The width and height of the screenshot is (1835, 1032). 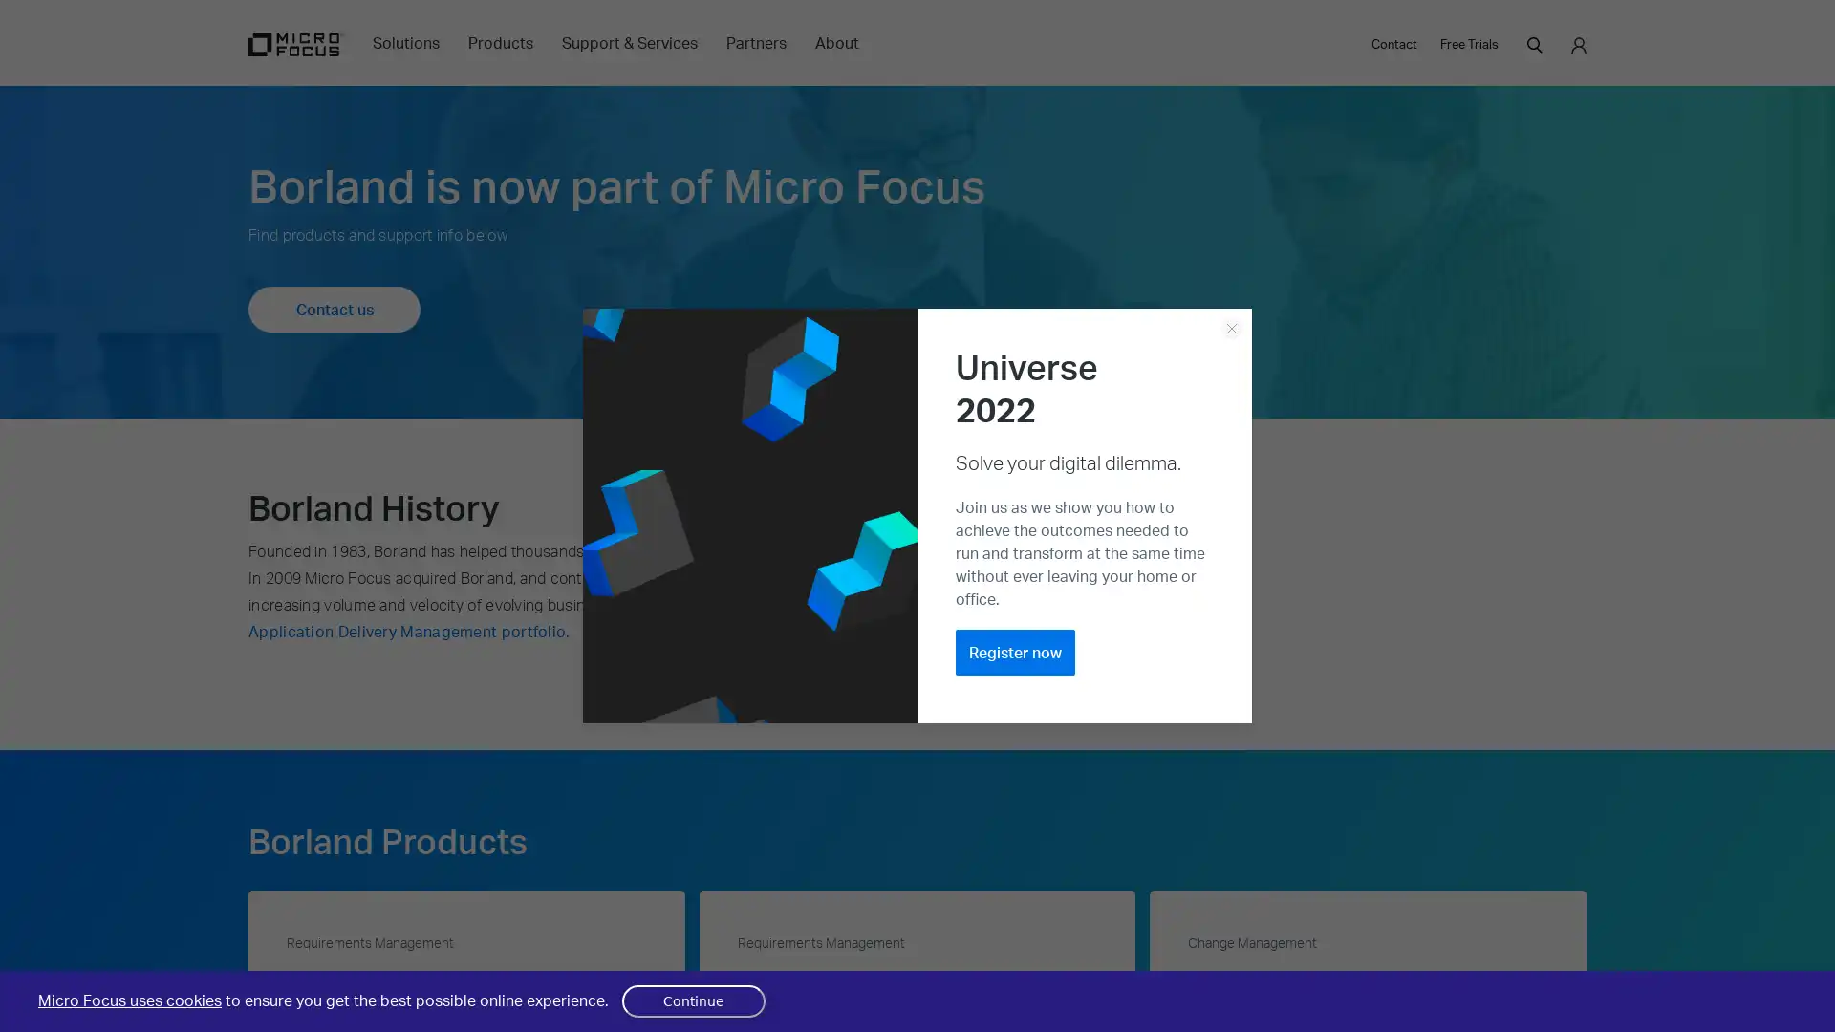 What do you see at coordinates (692, 1000) in the screenshot?
I see `Continue` at bounding box center [692, 1000].